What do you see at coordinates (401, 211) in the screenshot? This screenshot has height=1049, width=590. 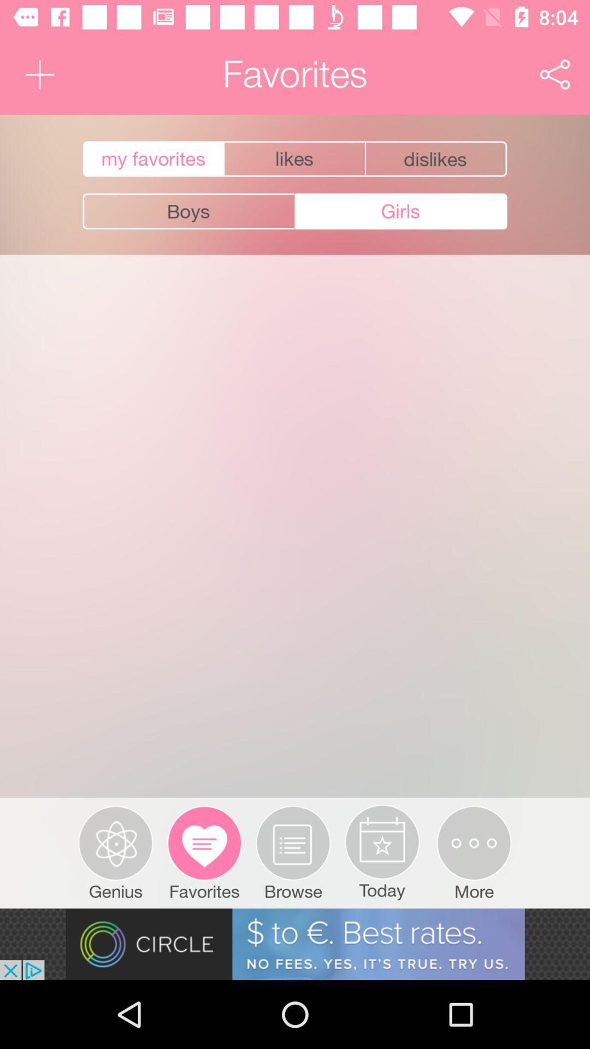 I see `favorites filter choice girls` at bounding box center [401, 211].